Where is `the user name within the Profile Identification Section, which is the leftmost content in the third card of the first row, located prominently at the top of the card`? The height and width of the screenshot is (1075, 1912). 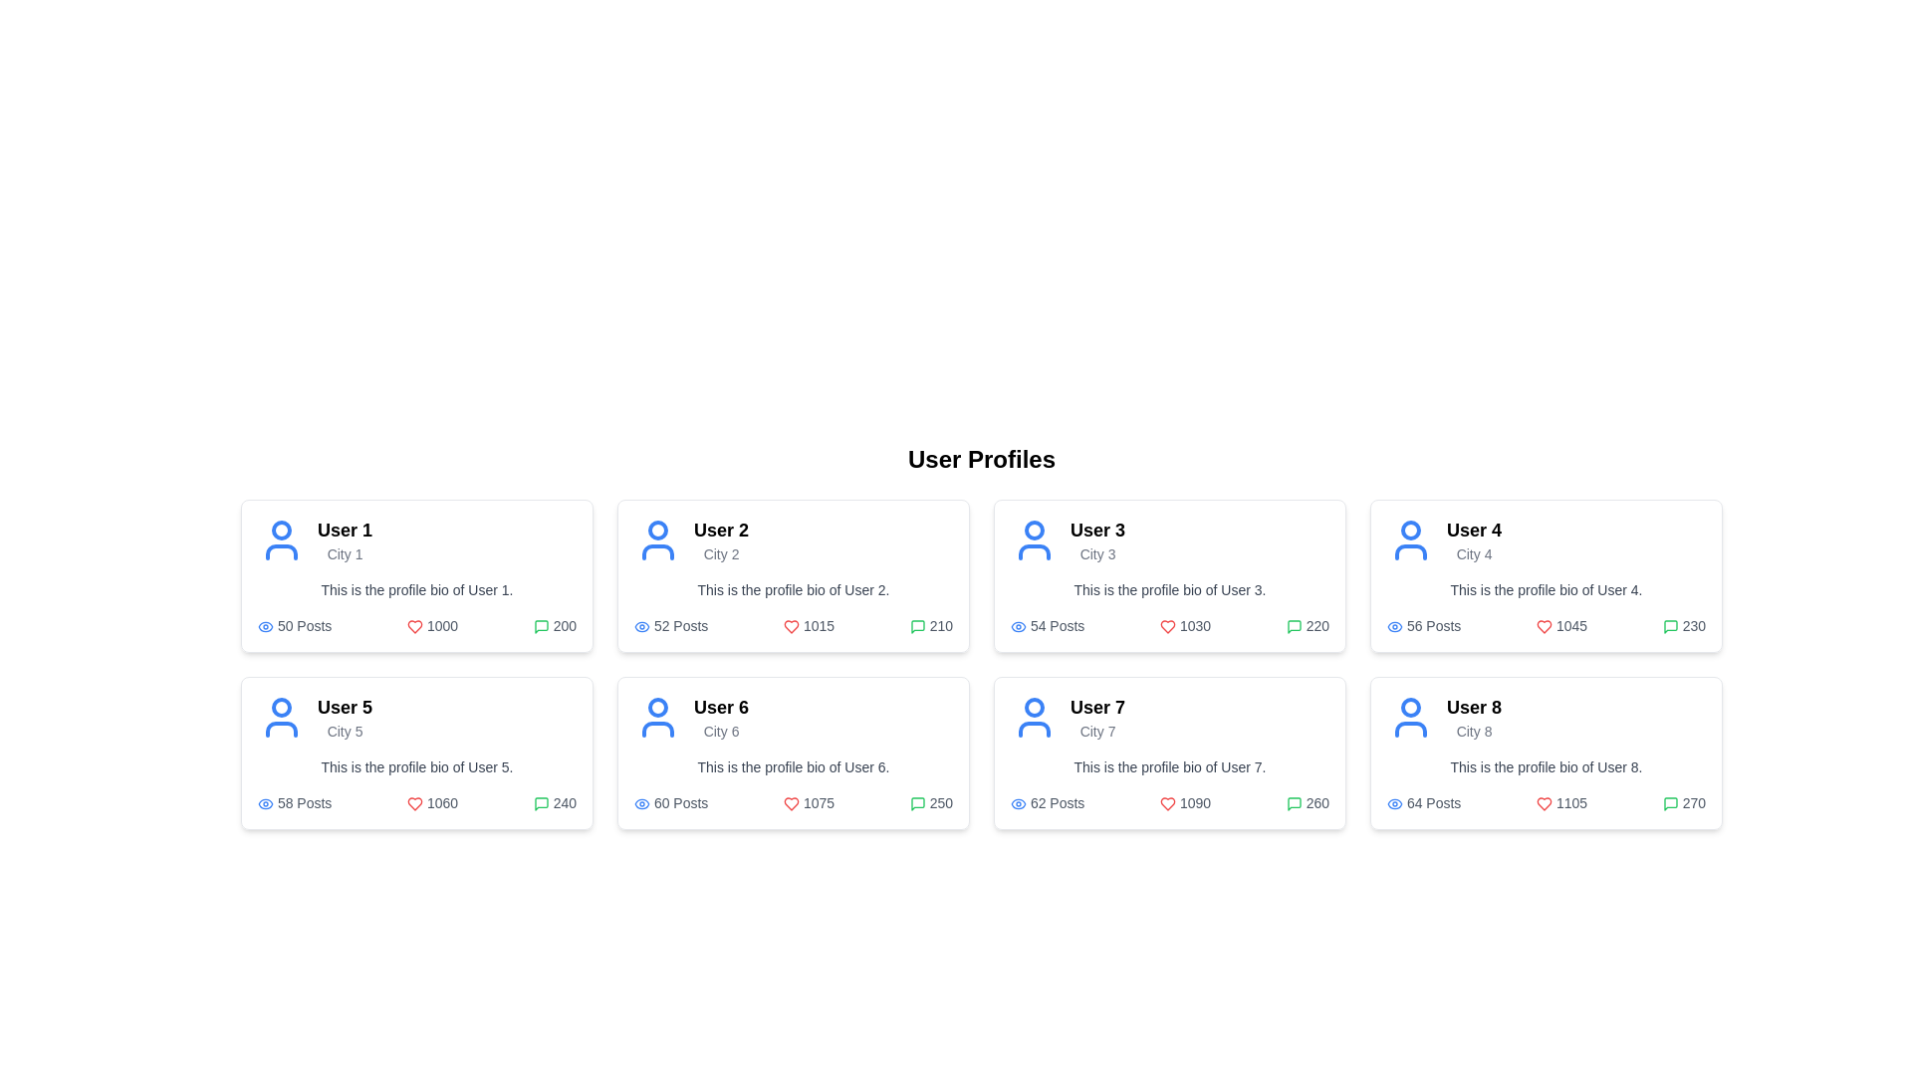
the user name within the Profile Identification Section, which is the leftmost content in the third card of the first row, located prominently at the top of the card is located at coordinates (1170, 540).